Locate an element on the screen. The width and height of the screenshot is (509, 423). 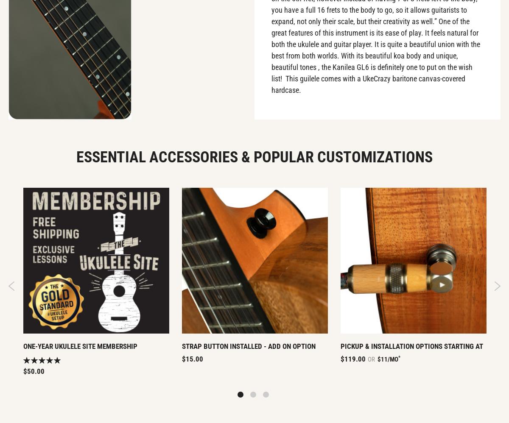
'Made In Hawaii' is located at coordinates (314, 113).